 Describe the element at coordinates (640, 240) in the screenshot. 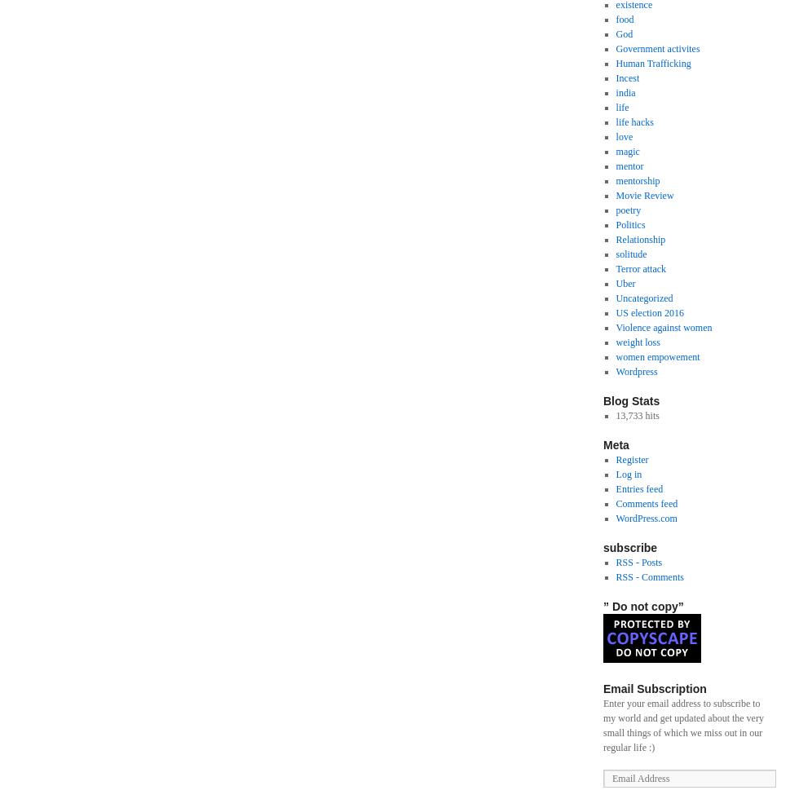

I see `'Relationship'` at that location.